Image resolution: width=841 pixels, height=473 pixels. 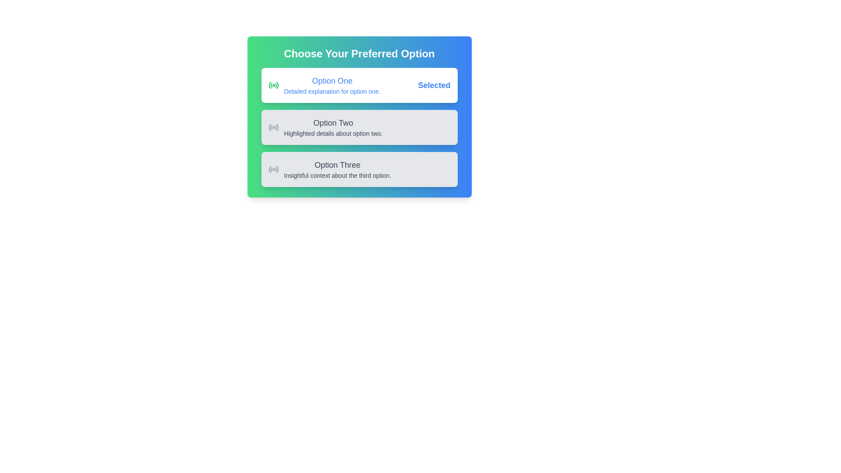 I want to click on the selectable text option displaying 'Option Three' for accessibility purposes, so click(x=337, y=169).